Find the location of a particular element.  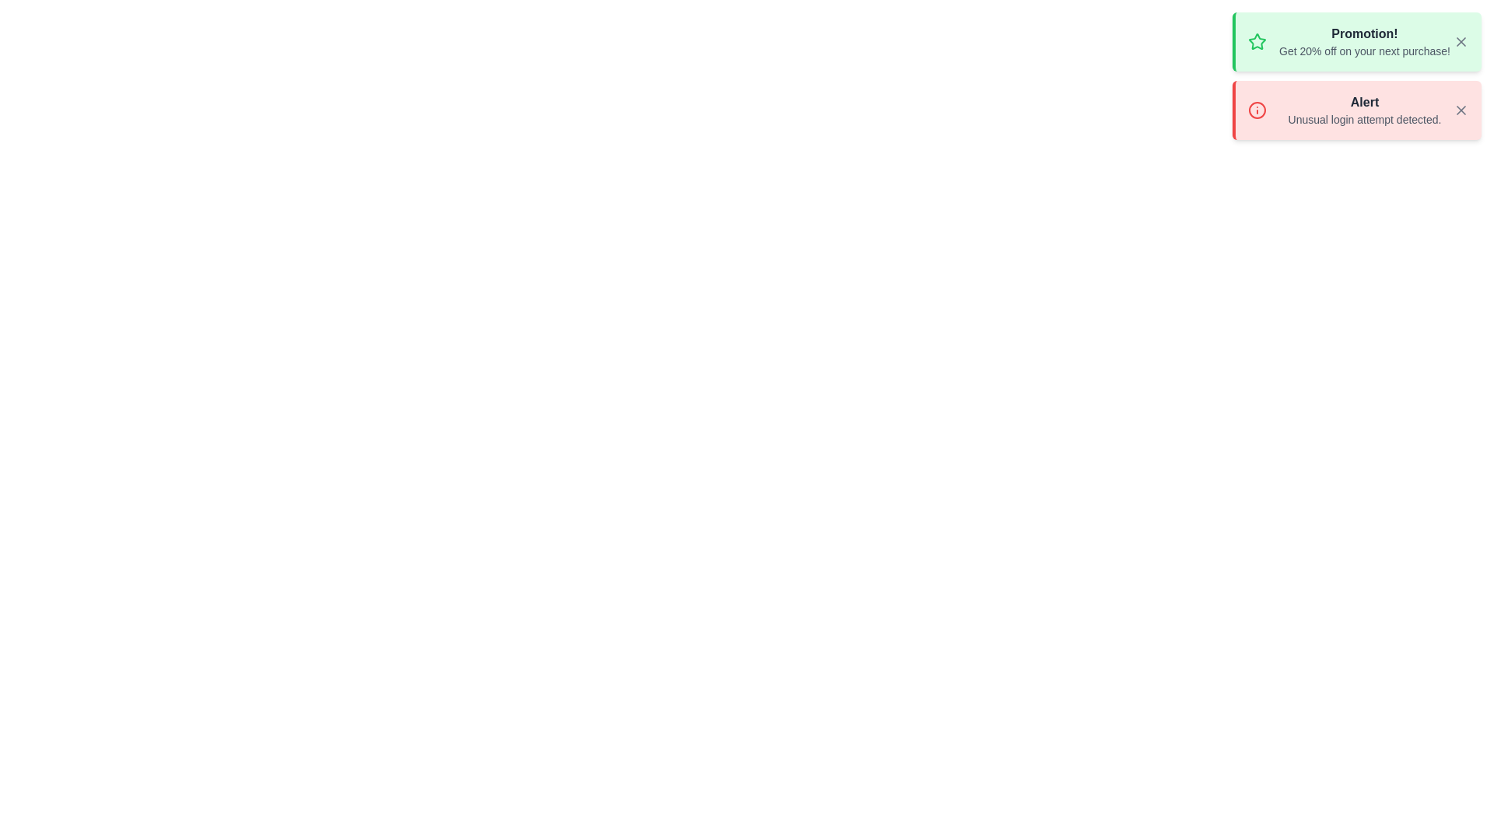

promotional message displayed in the central text block that says 'Promotion!' and 'Get 20% off on your next purchase!' within the light green notification box is located at coordinates (1363, 41).